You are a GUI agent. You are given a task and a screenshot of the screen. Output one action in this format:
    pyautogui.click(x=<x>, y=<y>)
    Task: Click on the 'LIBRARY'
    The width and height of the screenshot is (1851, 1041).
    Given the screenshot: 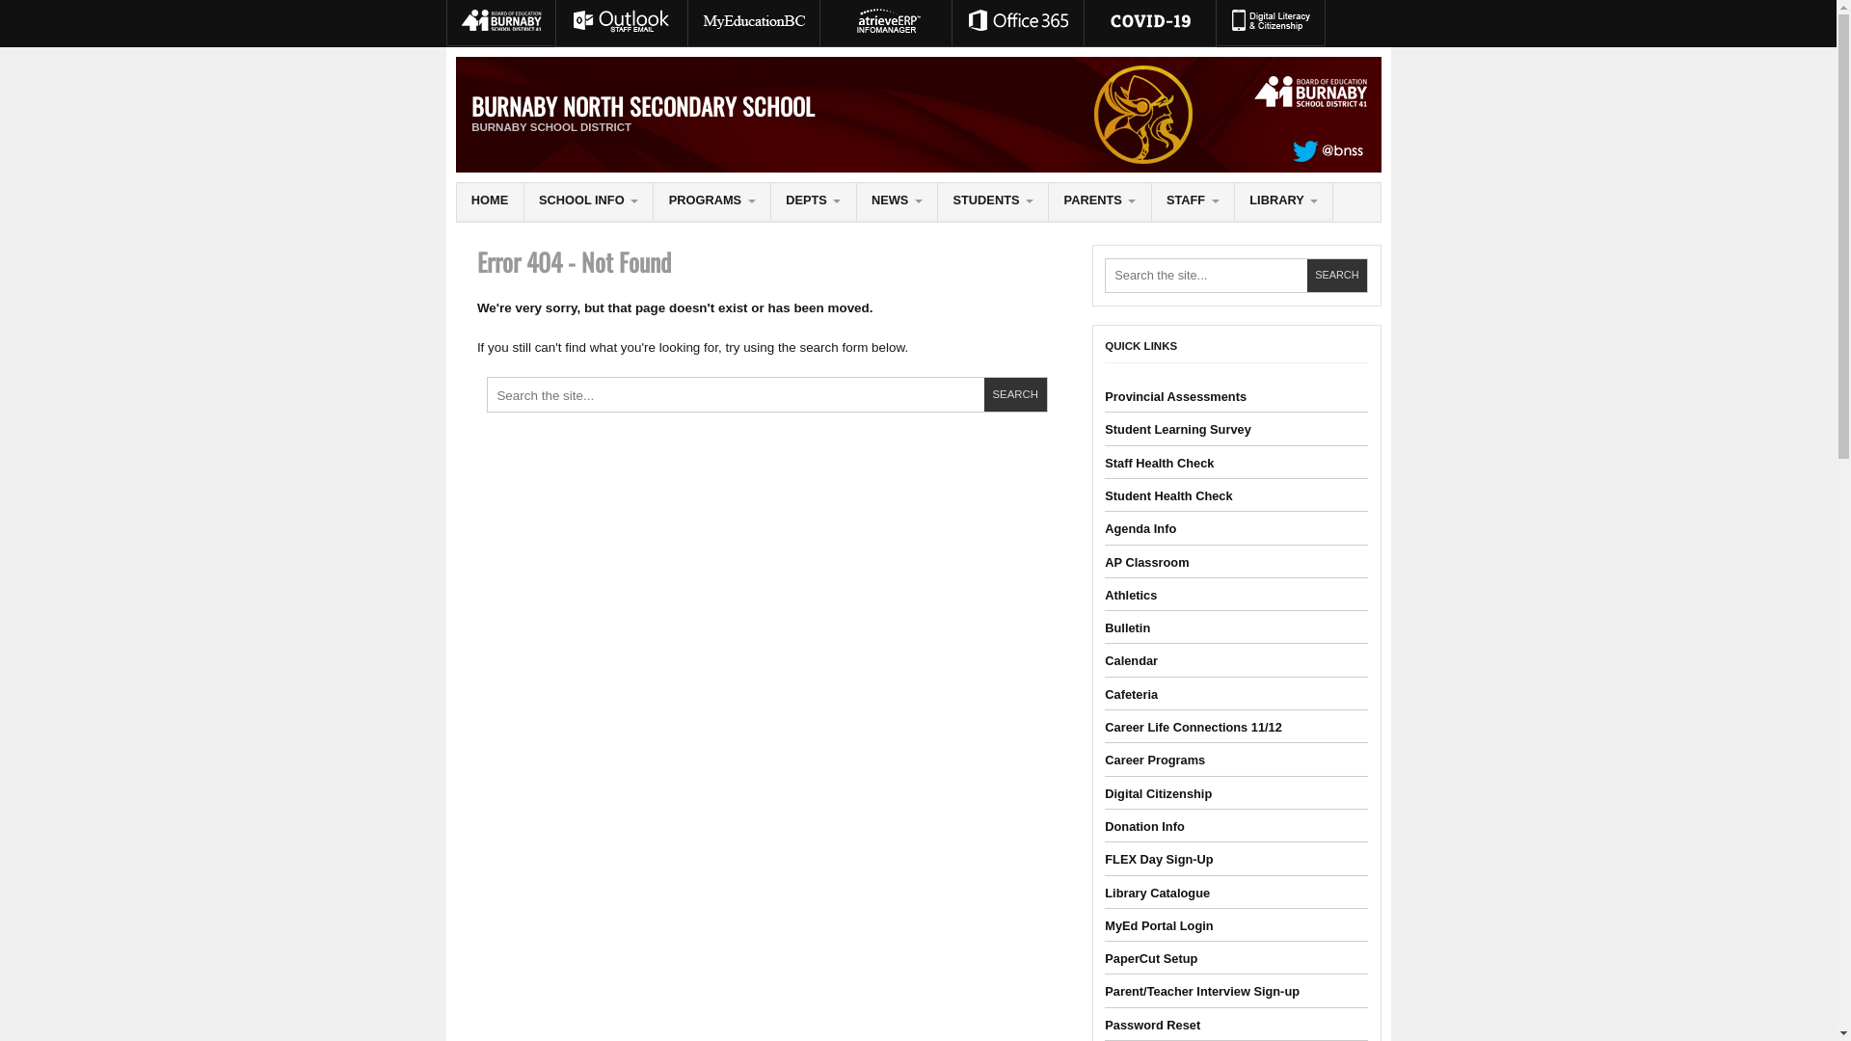 What is the action you would take?
    pyautogui.click(x=1235, y=201)
    